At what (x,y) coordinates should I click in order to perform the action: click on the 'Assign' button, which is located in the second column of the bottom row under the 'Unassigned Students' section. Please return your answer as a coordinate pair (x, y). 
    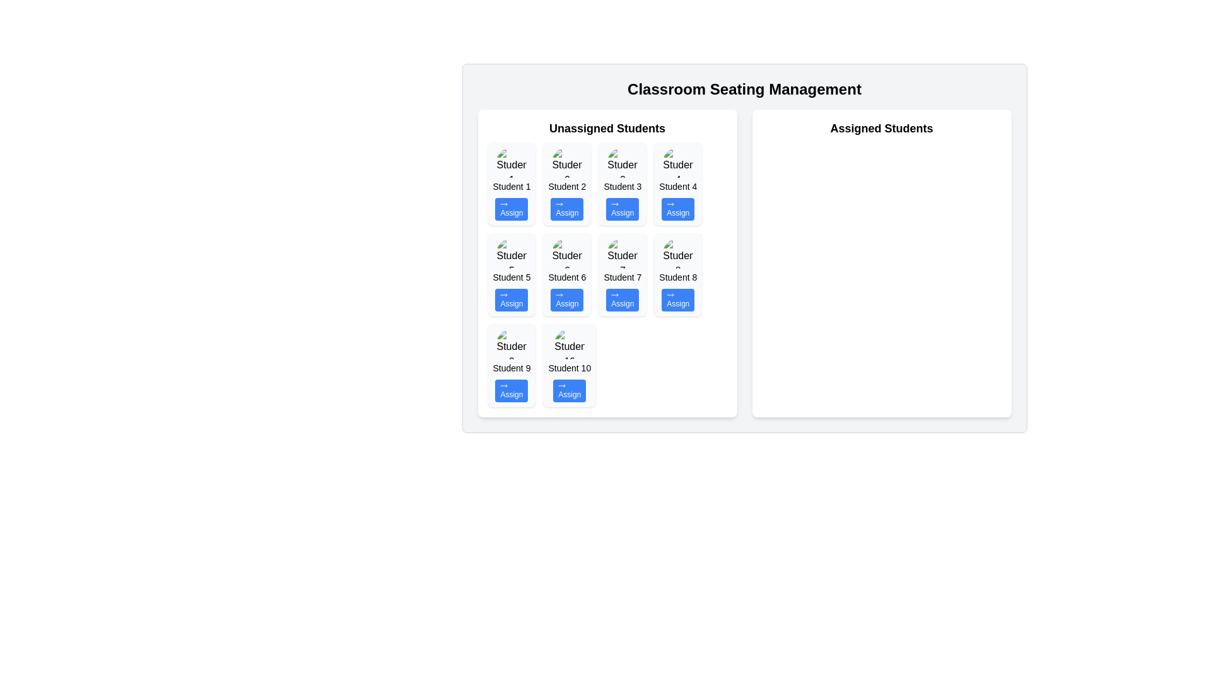
    Looking at the image, I should click on (559, 294).